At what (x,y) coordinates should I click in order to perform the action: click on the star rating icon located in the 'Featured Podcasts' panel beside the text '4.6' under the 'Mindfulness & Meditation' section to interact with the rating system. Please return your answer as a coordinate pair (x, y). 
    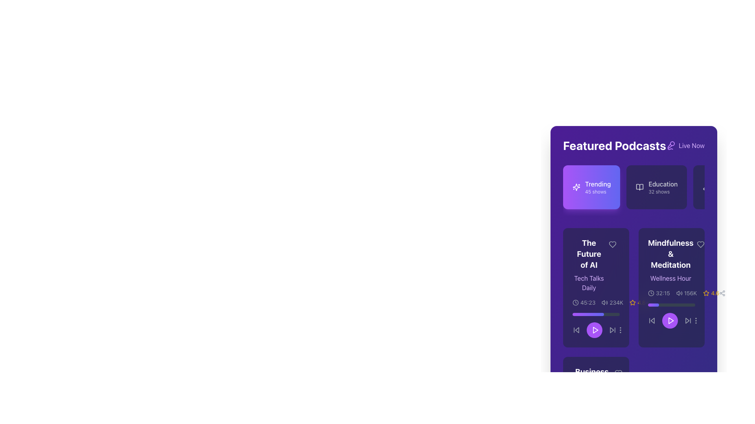
    Looking at the image, I should click on (706, 293).